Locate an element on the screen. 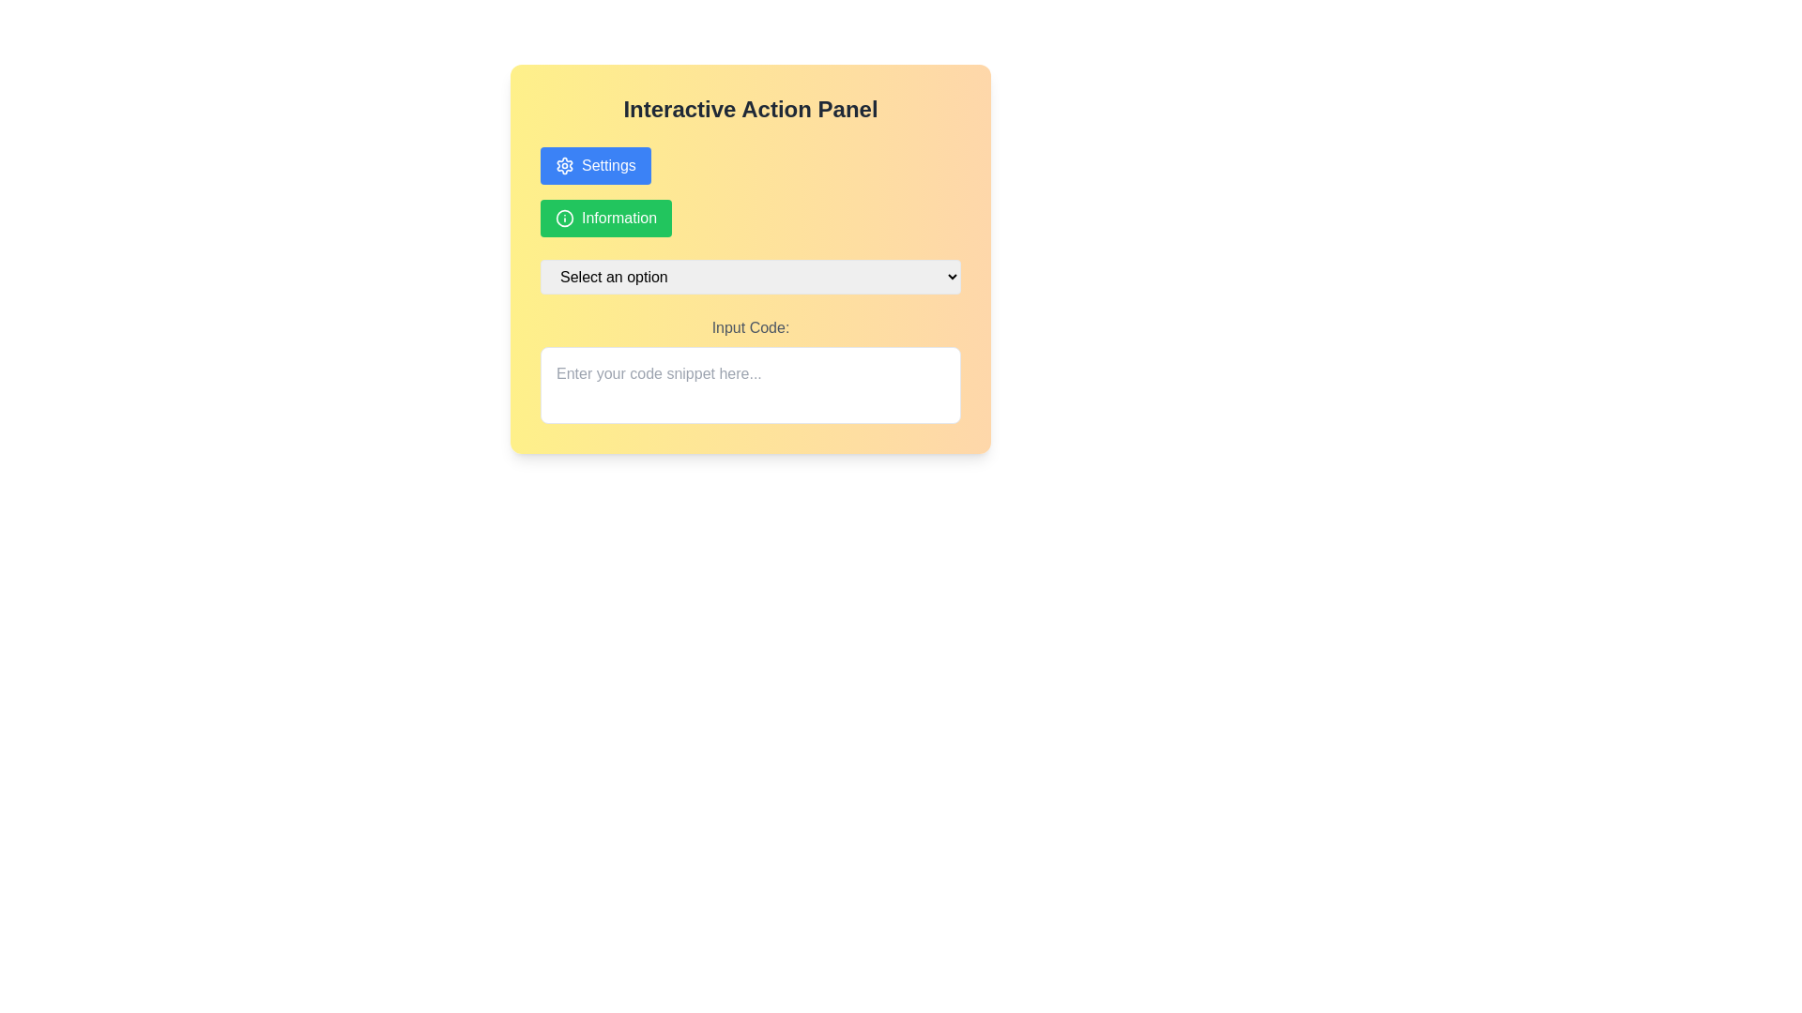 The image size is (1802, 1013). the green 'Information' button with rounded corners that has an information icon on the left and white centered text is located at coordinates (606, 217).